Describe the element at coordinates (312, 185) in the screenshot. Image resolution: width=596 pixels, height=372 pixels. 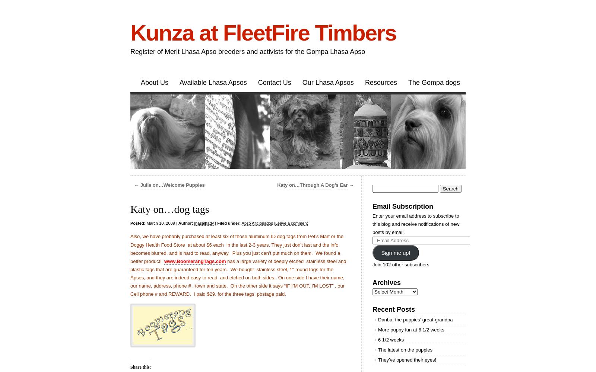
I see `'Katy on…Through A Dog’s Ear'` at that location.